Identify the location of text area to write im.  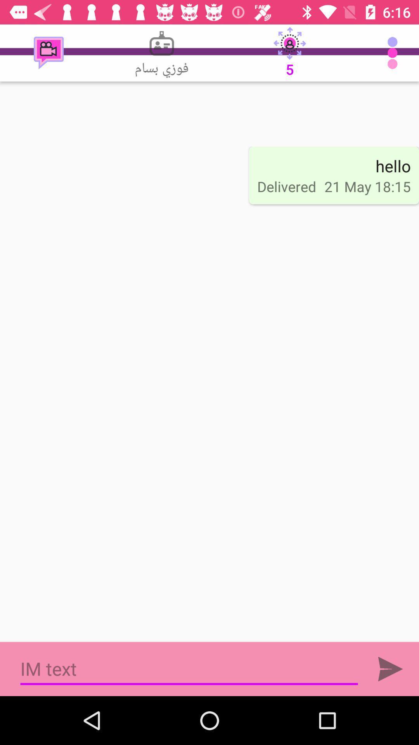
(189, 669).